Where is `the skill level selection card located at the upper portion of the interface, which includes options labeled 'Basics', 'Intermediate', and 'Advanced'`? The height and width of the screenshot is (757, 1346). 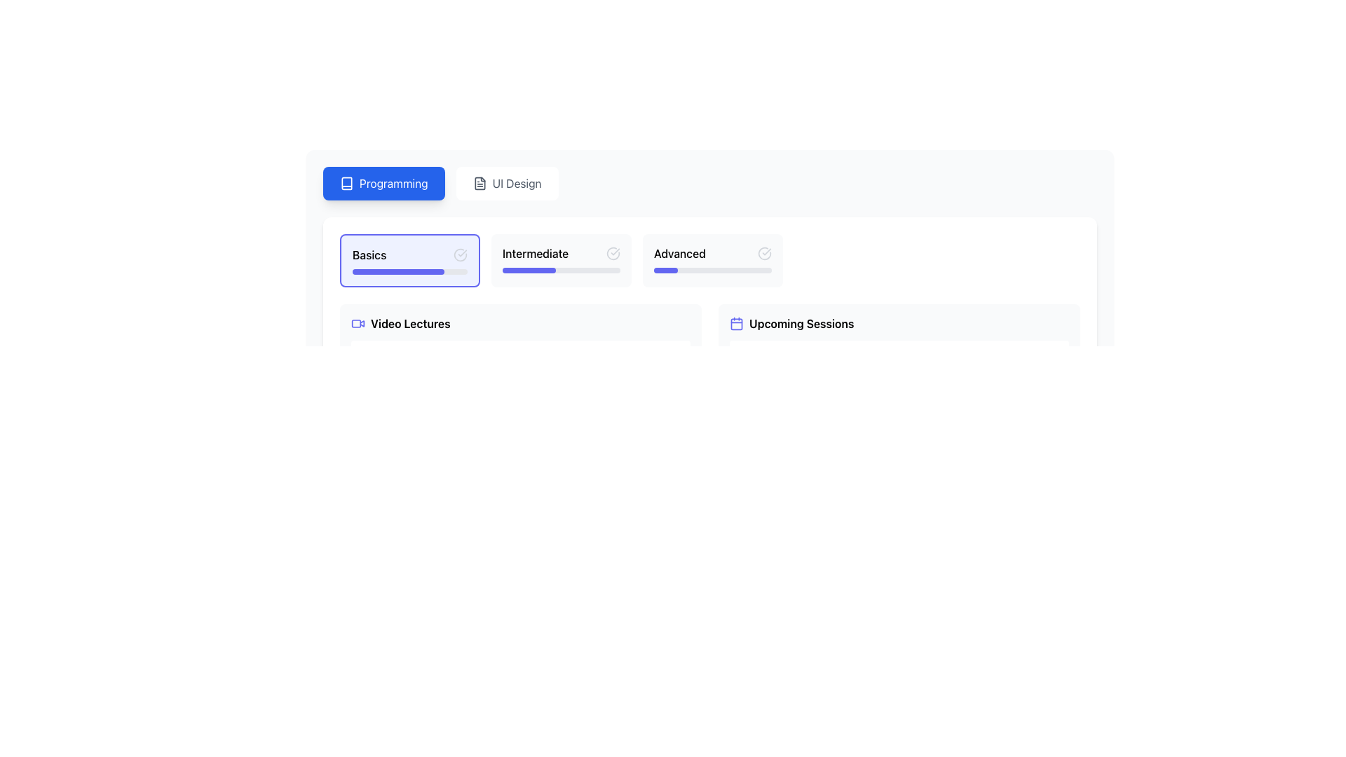
the skill level selection card located at the upper portion of the interface, which includes options labeled 'Basics', 'Intermediate', and 'Advanced' is located at coordinates (709, 260).